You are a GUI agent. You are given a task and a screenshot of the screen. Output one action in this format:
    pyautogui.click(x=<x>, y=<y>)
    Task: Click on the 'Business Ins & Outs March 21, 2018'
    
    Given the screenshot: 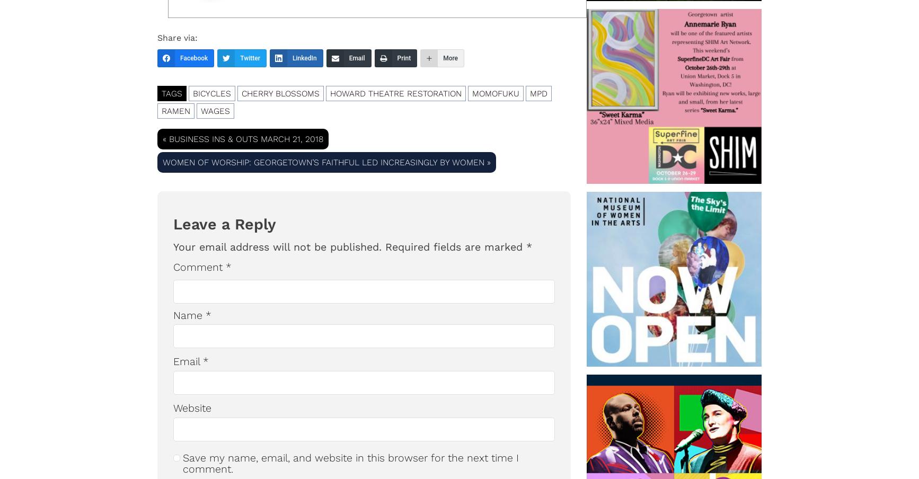 What is the action you would take?
    pyautogui.click(x=245, y=138)
    